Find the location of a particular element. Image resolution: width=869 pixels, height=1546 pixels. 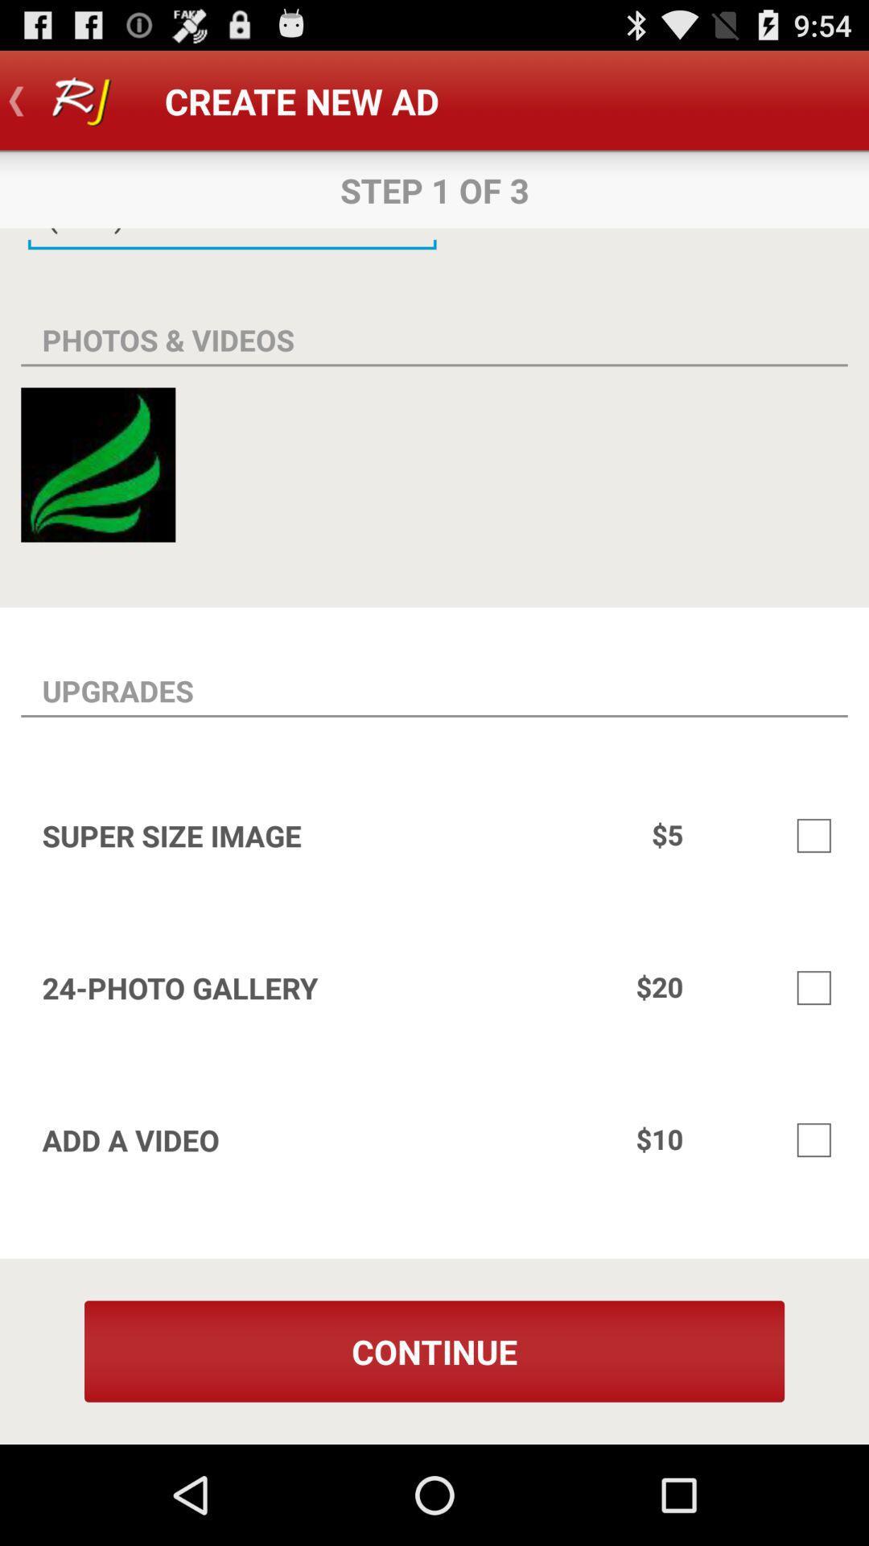

add video is located at coordinates (813, 1139).